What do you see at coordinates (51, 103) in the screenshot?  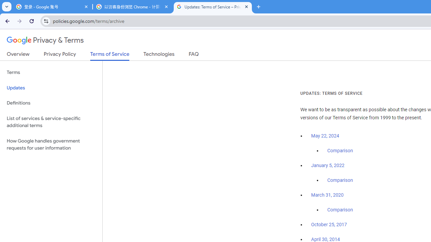 I see `'Definitions'` at bounding box center [51, 103].